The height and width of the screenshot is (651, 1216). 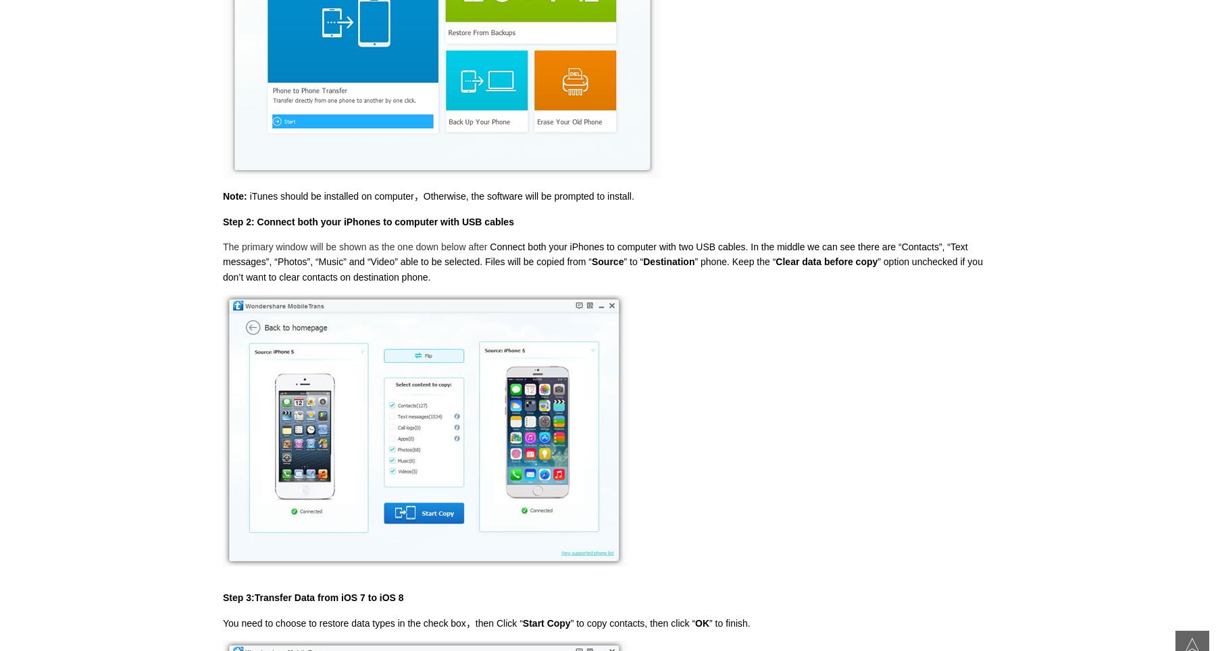 I want to click on 'Note:', so click(x=234, y=196).